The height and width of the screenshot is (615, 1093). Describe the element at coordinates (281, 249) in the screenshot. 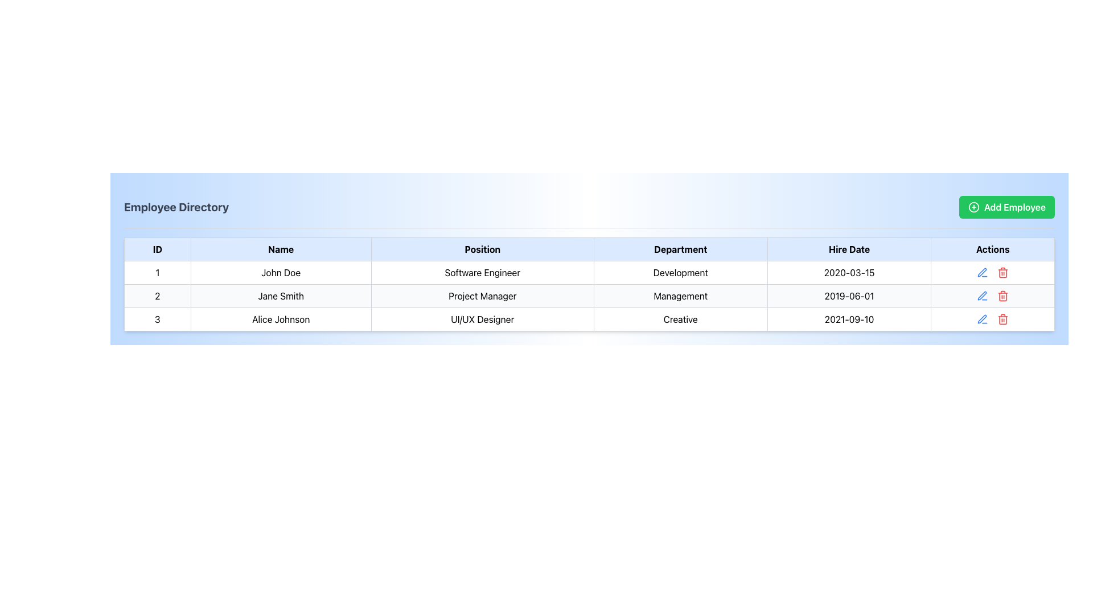

I see `the Table Header Cell that serves as the header for the 'Name' column in the table, located between the 'ID' and 'Position' columns` at that location.